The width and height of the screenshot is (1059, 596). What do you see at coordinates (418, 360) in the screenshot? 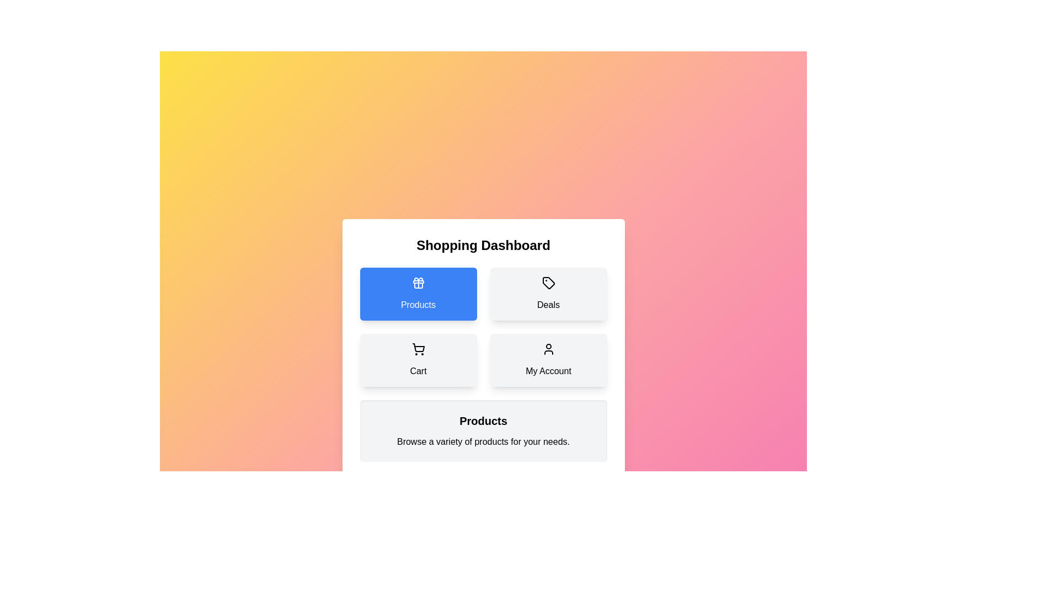
I see `the 'Cart' button to view the Cart category` at bounding box center [418, 360].